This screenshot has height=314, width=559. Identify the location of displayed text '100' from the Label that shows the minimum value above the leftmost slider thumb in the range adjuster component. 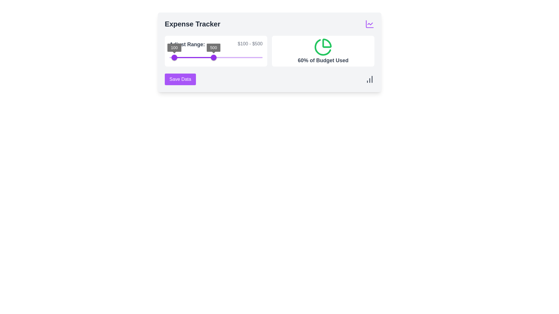
(174, 47).